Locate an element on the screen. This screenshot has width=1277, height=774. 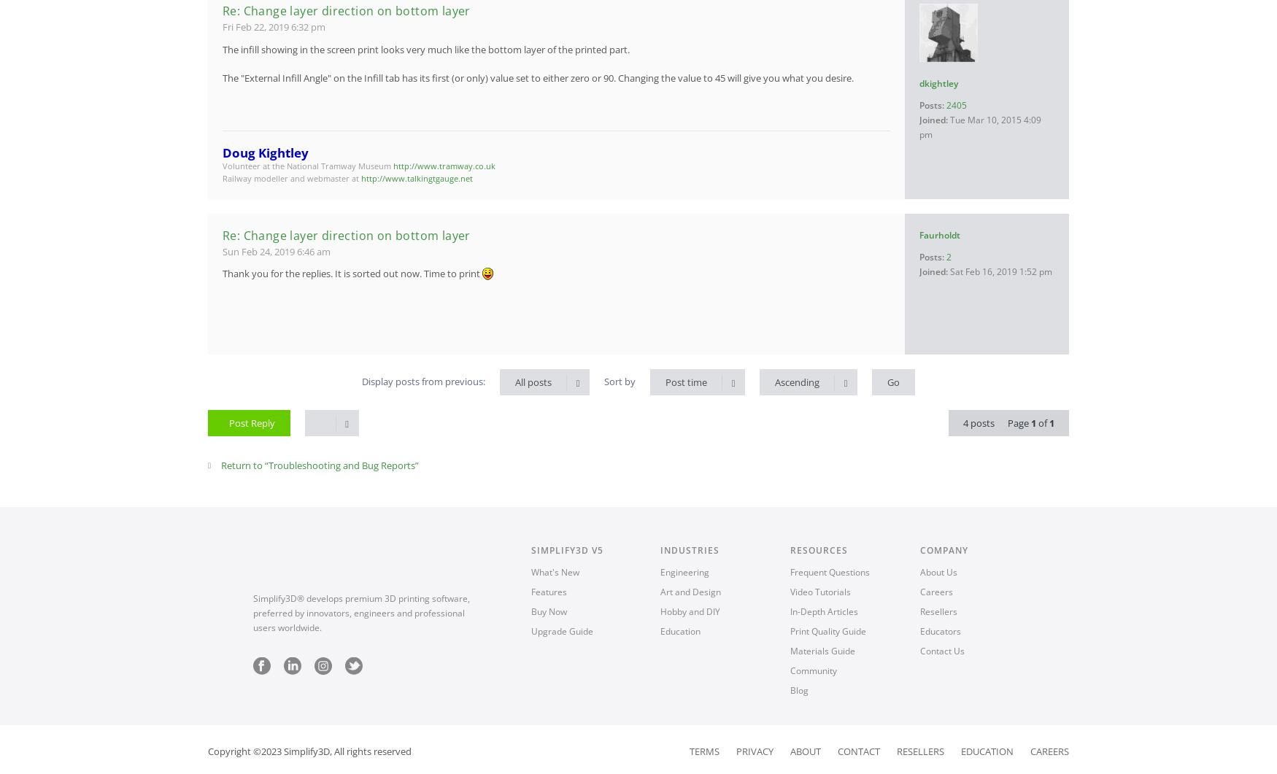
'Resellers' is located at coordinates (919, 749).